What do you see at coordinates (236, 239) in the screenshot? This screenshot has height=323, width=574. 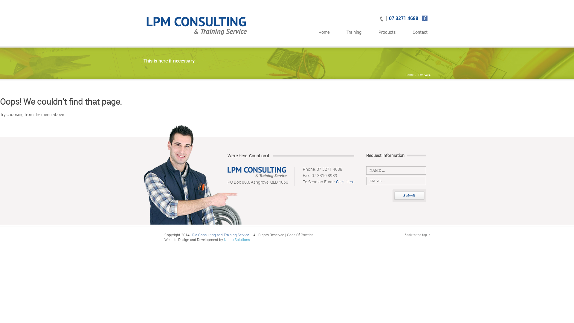 I see `'Nibiru Solutions'` at bounding box center [236, 239].